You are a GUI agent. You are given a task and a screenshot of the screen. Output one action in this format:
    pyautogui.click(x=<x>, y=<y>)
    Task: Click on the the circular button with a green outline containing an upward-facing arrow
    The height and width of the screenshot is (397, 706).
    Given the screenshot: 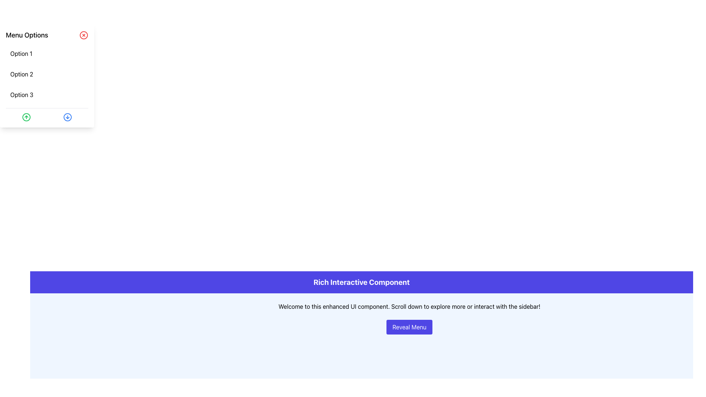 What is the action you would take?
    pyautogui.click(x=26, y=117)
    